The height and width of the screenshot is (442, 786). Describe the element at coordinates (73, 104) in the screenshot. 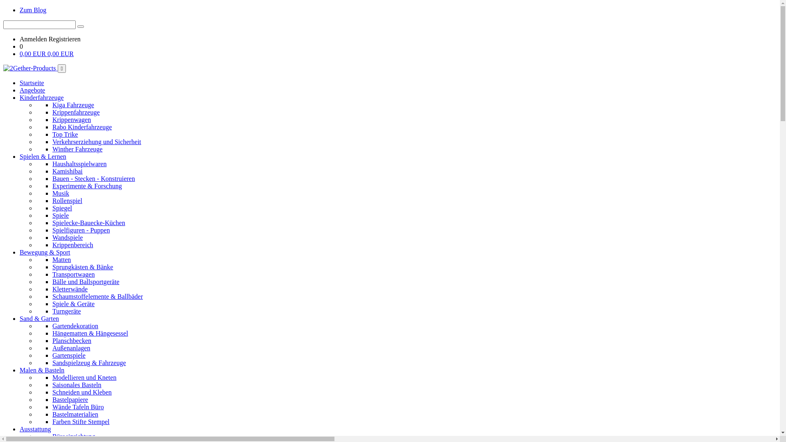

I see `'Kiga Fahrzeuge'` at that location.